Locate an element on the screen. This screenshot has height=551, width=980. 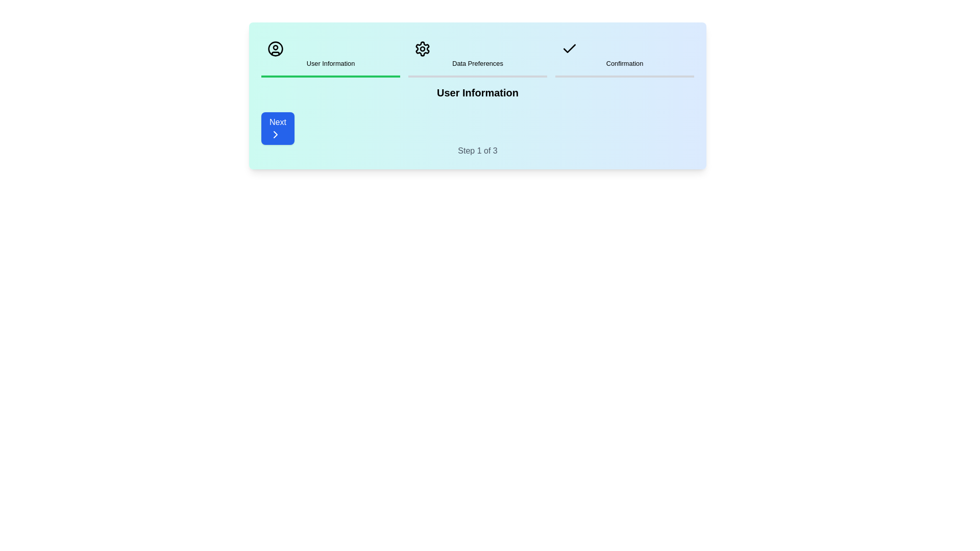
the 'Next' button to proceed to the next step is located at coordinates (278, 128).